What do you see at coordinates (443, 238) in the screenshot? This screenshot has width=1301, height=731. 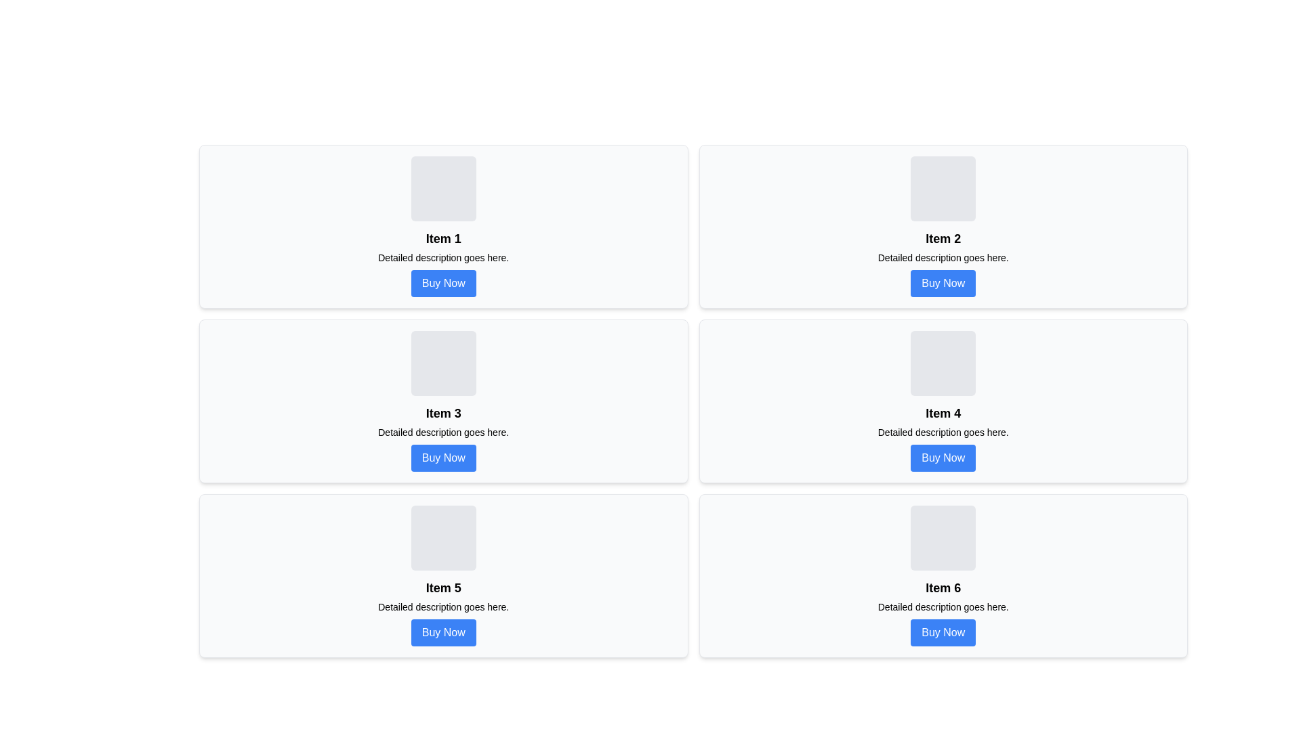 I see `the static text label displaying 'Item 1', which is bold and large, located under a square placeholder image` at bounding box center [443, 238].